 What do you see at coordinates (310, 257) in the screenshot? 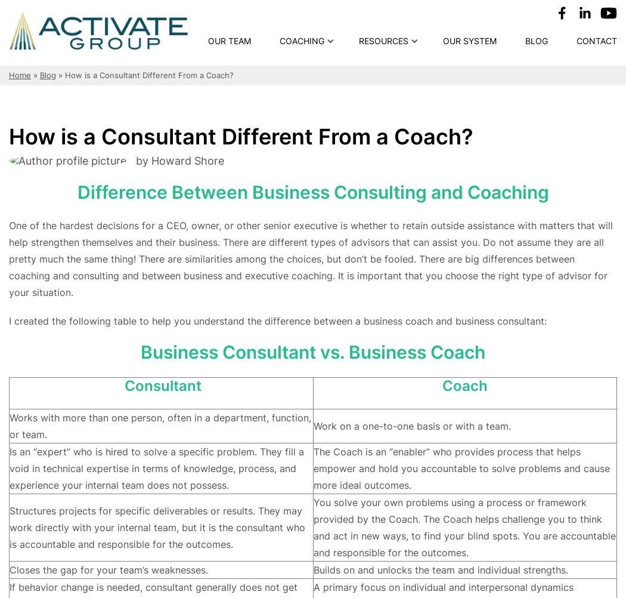
I see `'One of the hardest decisions for a CEO, owner, or other senior executive is whether to retain outside assistance with matters that will help strengthen themselves and their business. There are different types of advisors that can assist you. Do not assume they are all pretty much the same thing! There are similarities among the choices, but don’t be fooled. There are big differences between coaching and consulting and between business and executive coaching. It is important that you choose the right type of advisor for your situation.'` at bounding box center [310, 257].